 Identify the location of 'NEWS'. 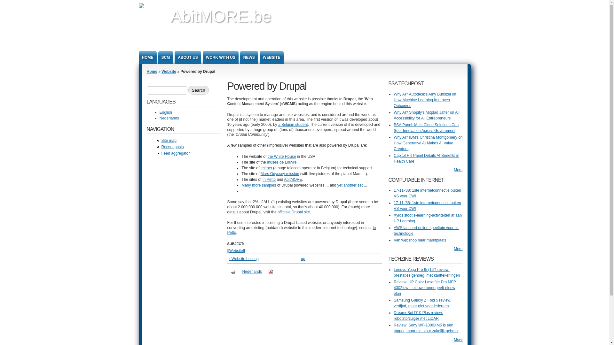
(248, 57).